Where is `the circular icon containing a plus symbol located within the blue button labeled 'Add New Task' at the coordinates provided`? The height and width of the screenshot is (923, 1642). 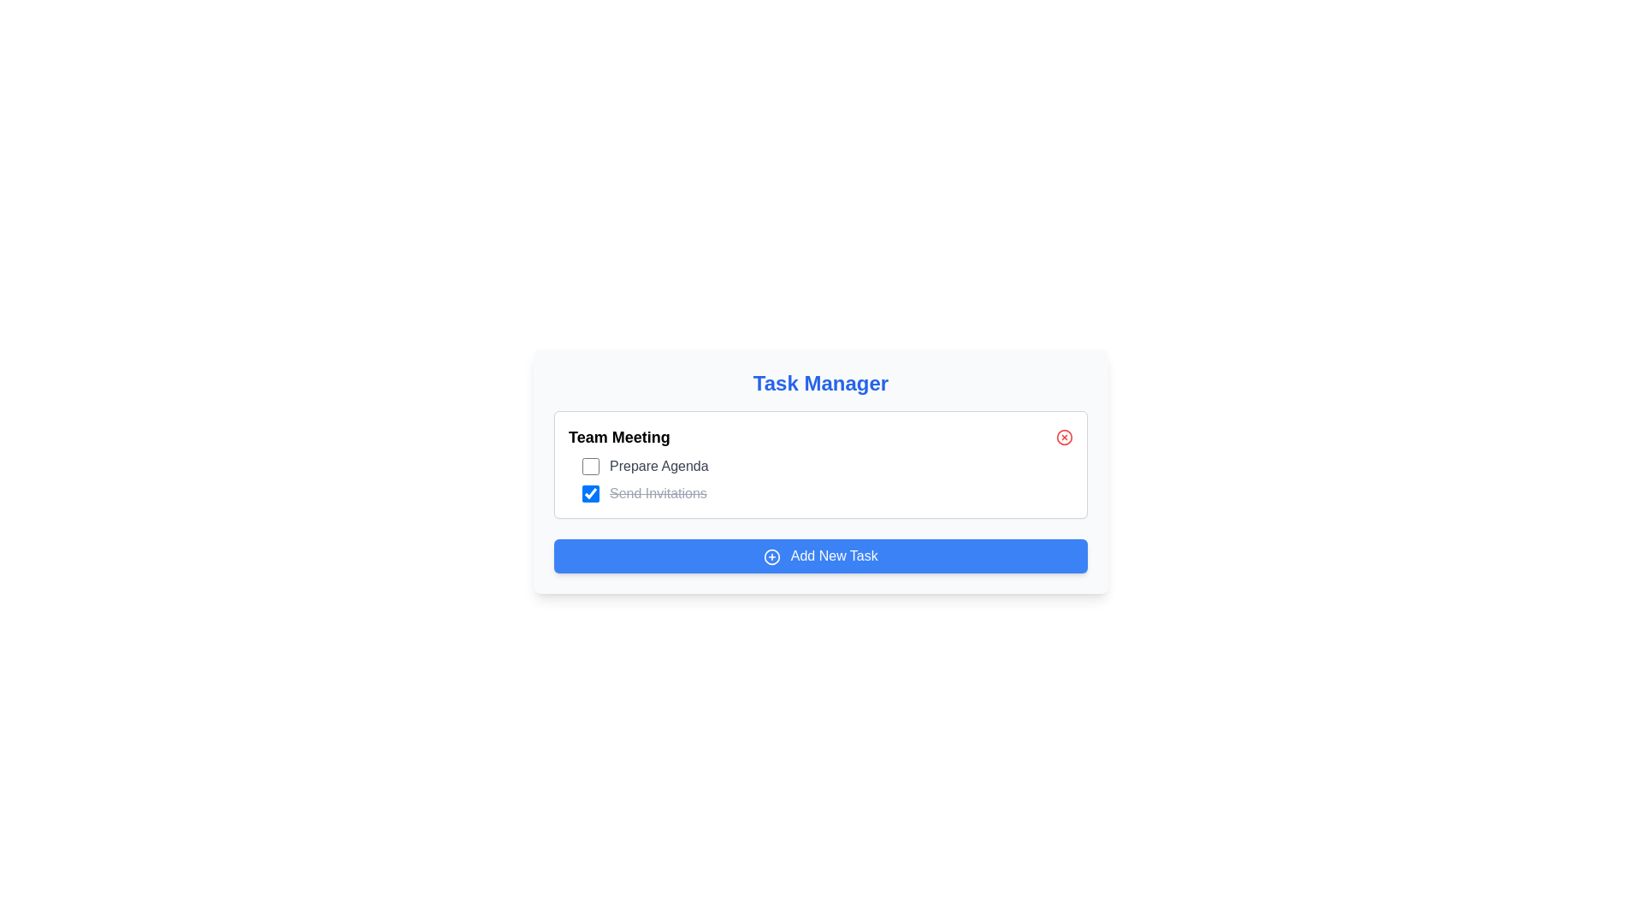
the circular icon containing a plus symbol located within the blue button labeled 'Add New Task' at the coordinates provided is located at coordinates (771, 556).